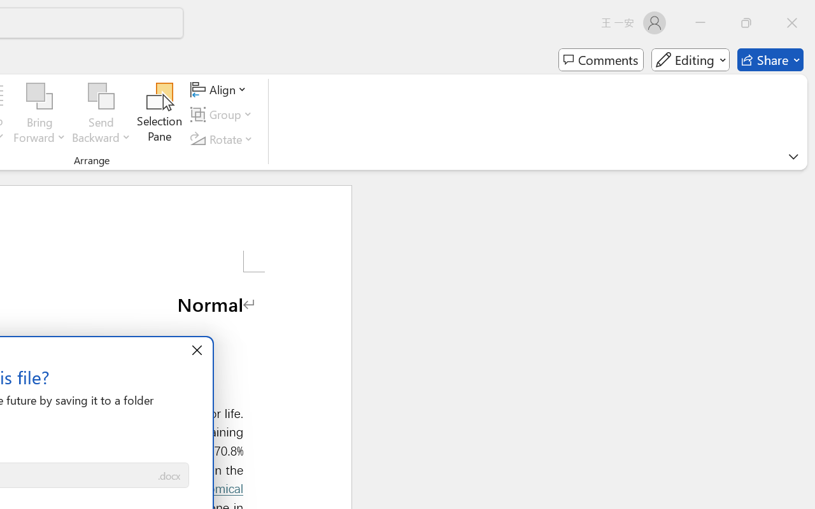  I want to click on 'Selection Pane...', so click(159, 114).